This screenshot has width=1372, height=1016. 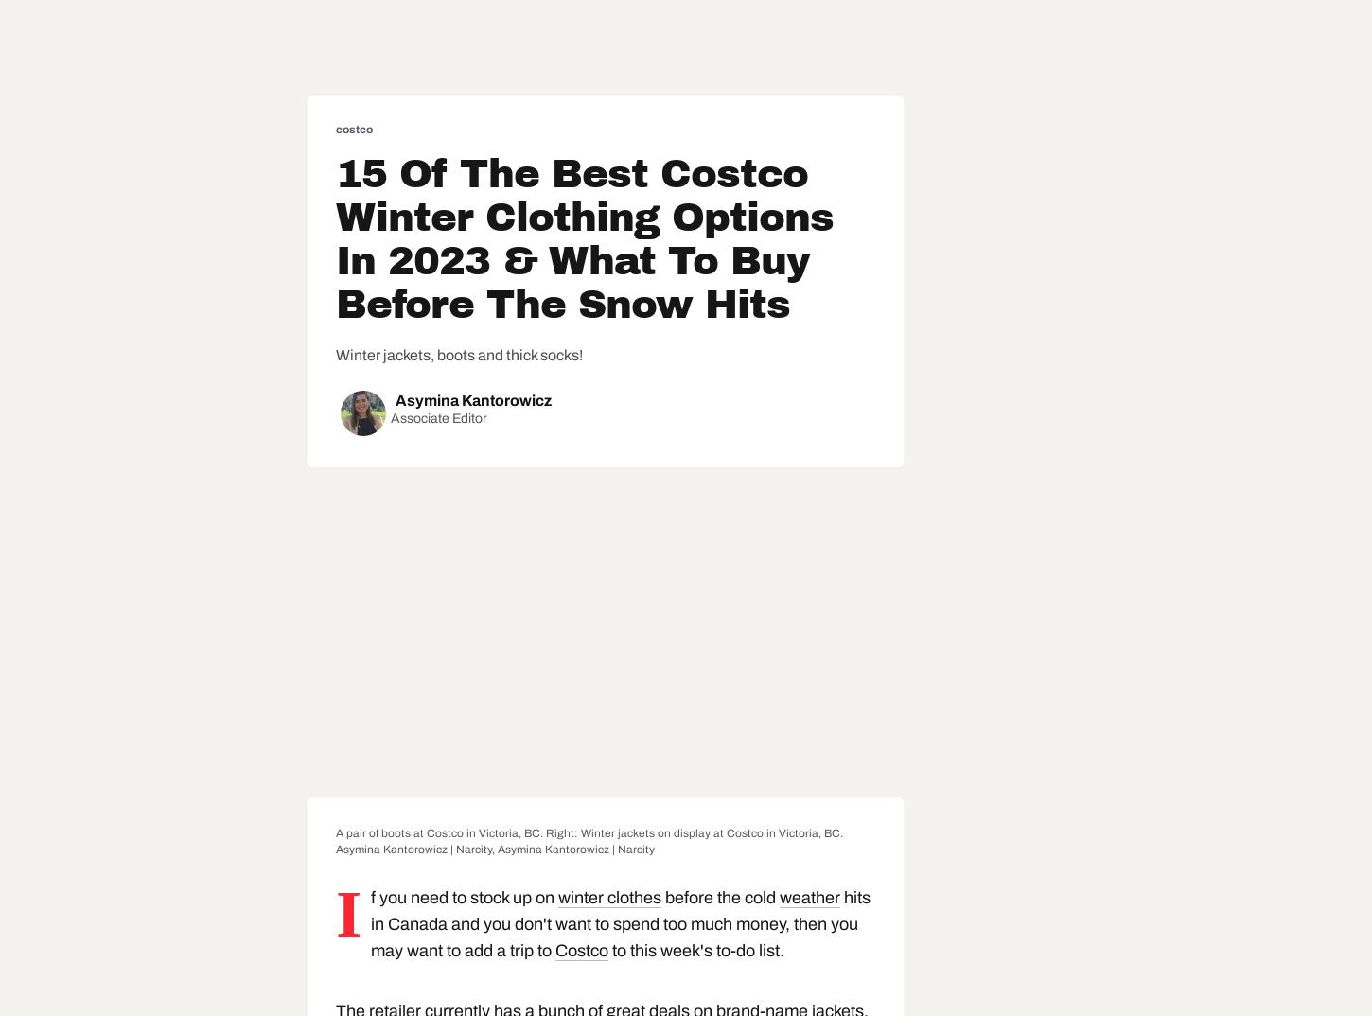 I want to click on 'A pair of boots at Costco in Victoria, BC. Right: Winter jackets on display at Costco in Victoria, BC.', so click(x=589, y=832).